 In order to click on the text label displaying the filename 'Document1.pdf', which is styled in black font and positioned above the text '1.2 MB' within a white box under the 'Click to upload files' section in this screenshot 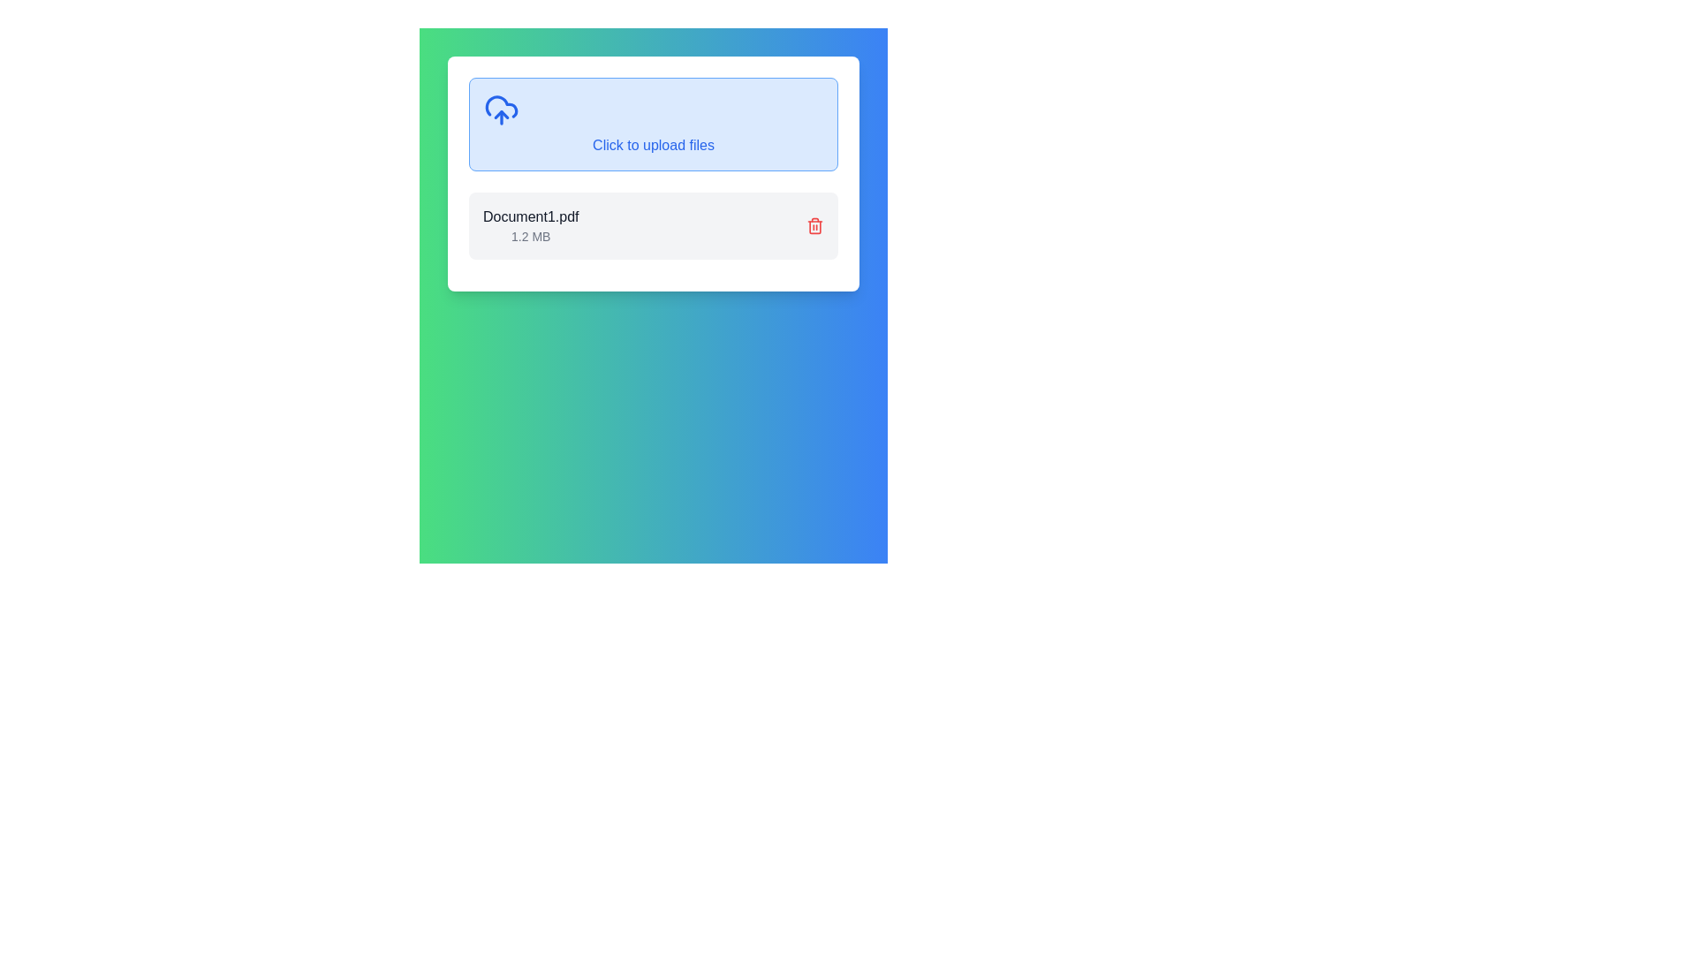, I will do `click(530, 216)`.